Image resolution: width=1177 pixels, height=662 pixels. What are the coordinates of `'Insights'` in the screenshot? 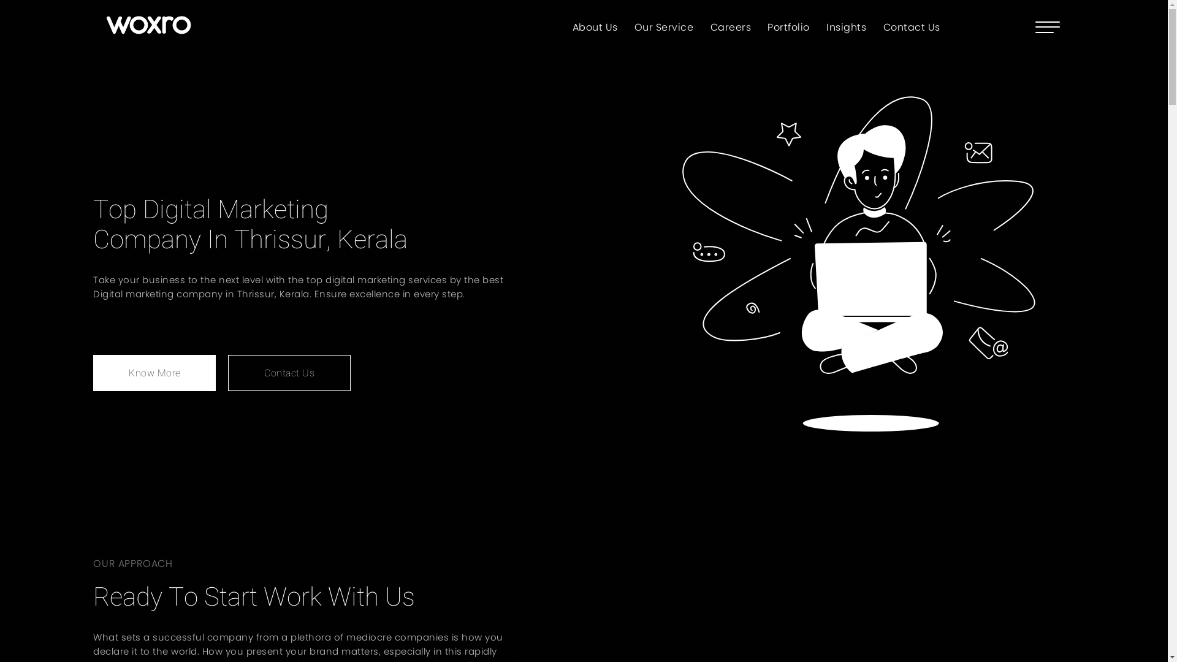 It's located at (826, 26).